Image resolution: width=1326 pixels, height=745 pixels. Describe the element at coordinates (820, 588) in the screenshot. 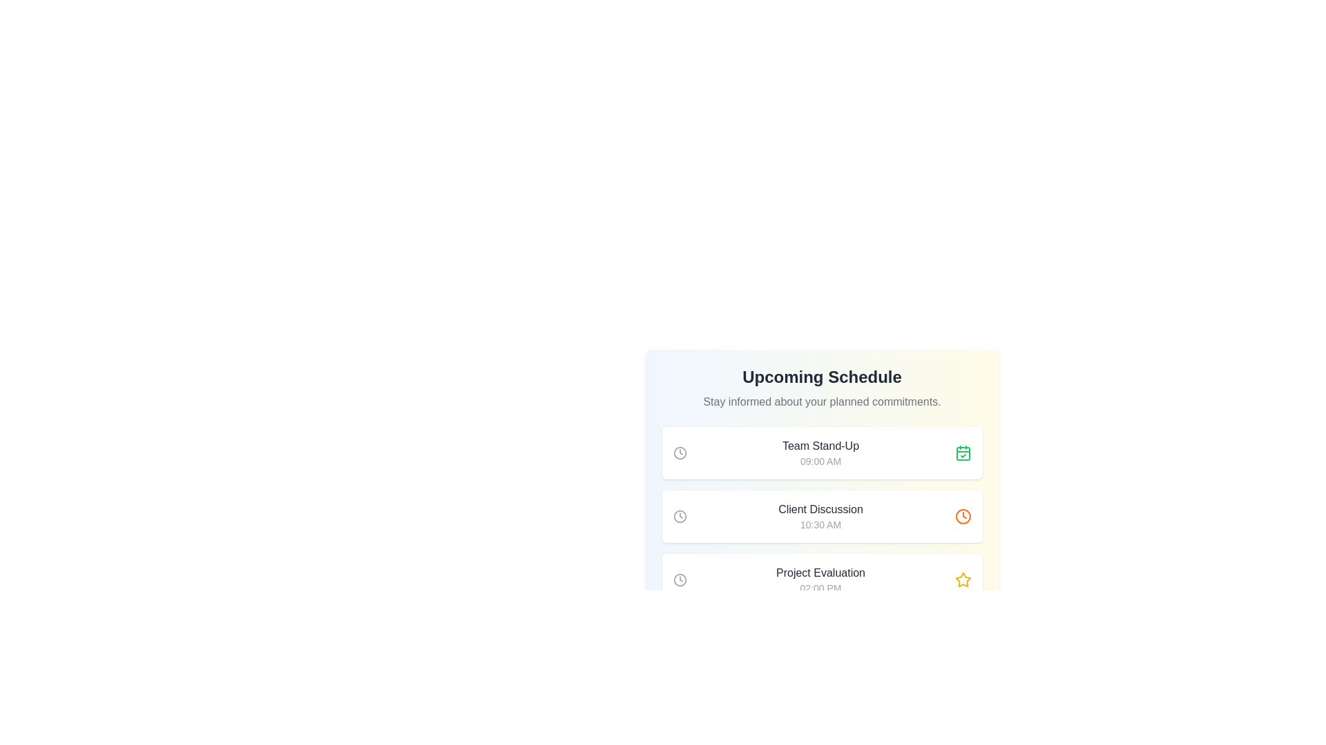

I see `the text label displaying '02:00 PM', which is styled in small gray font and positioned directly below the 'Project Evaluation' text label in a list of events` at that location.